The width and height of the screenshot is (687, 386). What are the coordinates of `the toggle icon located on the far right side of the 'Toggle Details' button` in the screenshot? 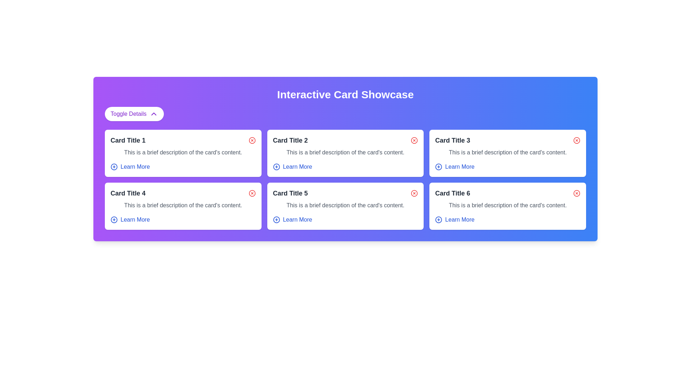 It's located at (153, 114).